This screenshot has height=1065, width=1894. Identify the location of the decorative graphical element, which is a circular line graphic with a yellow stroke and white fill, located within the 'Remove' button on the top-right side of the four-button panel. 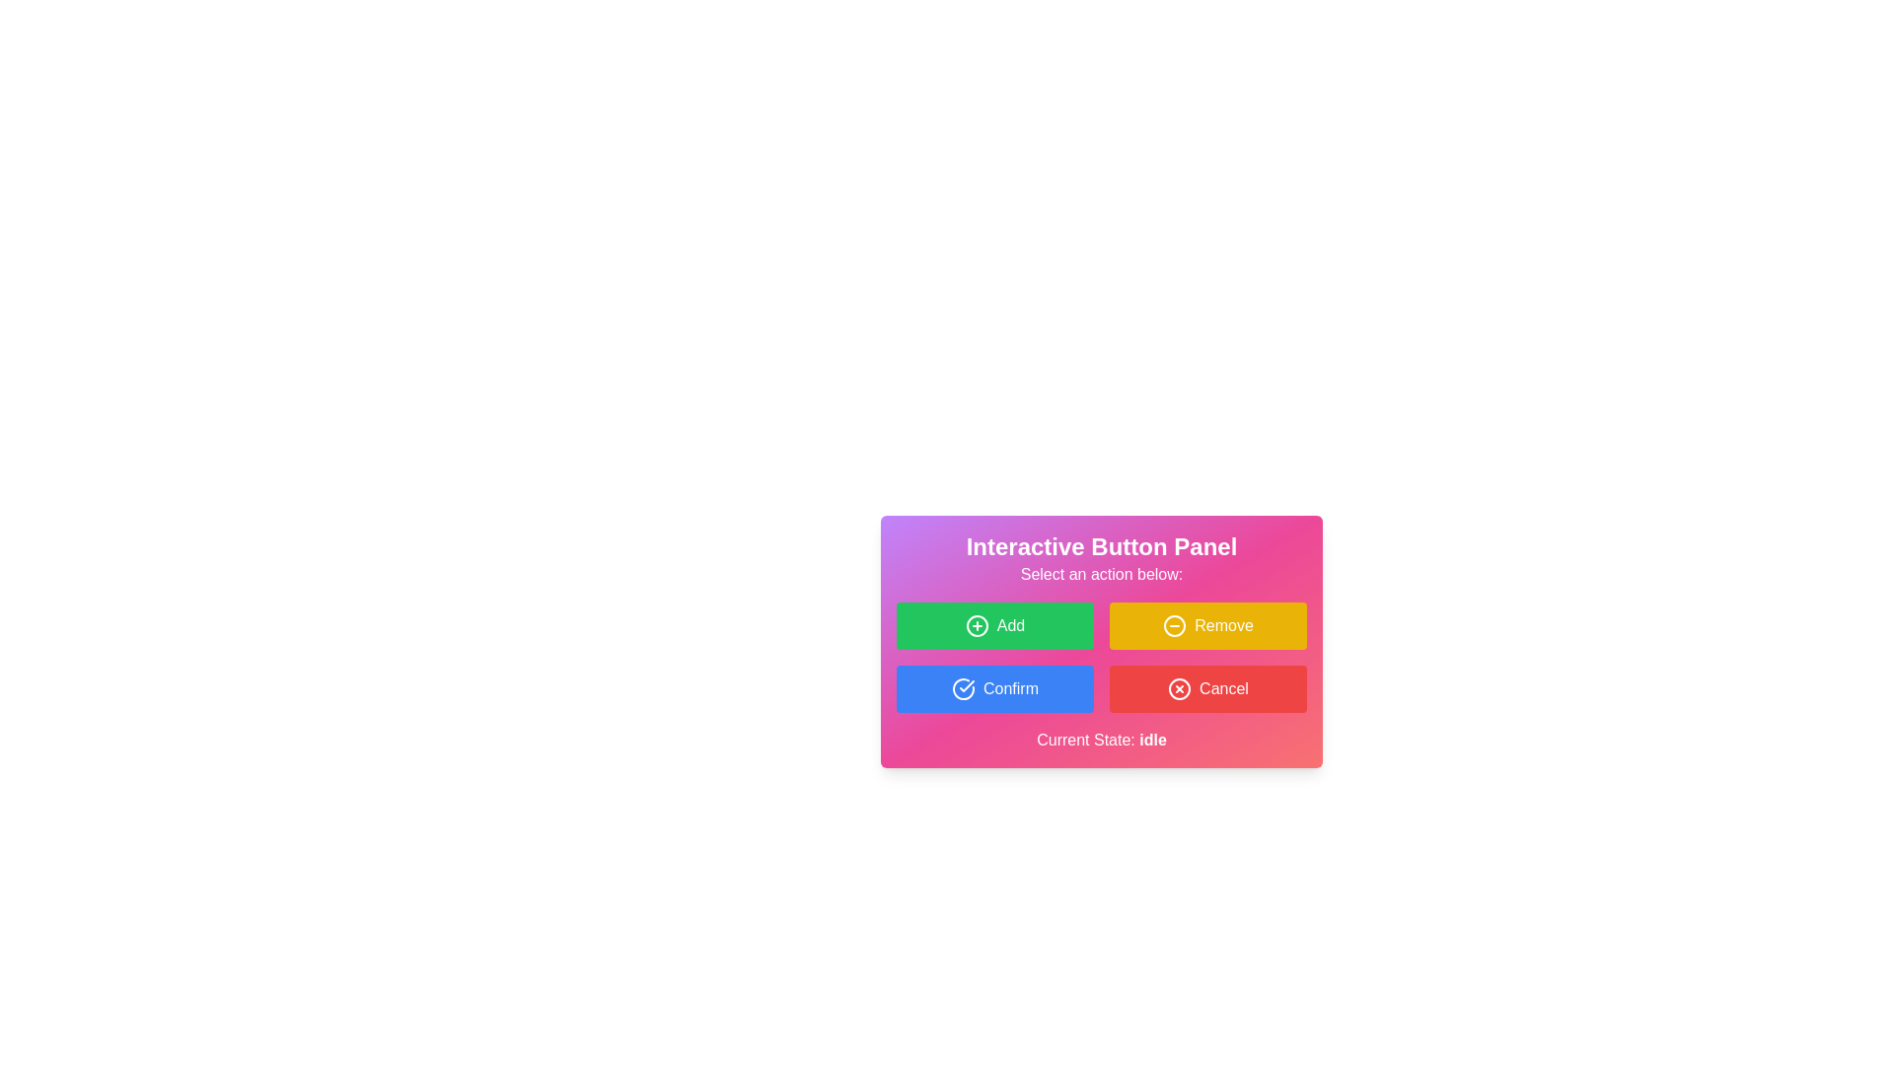
(1175, 626).